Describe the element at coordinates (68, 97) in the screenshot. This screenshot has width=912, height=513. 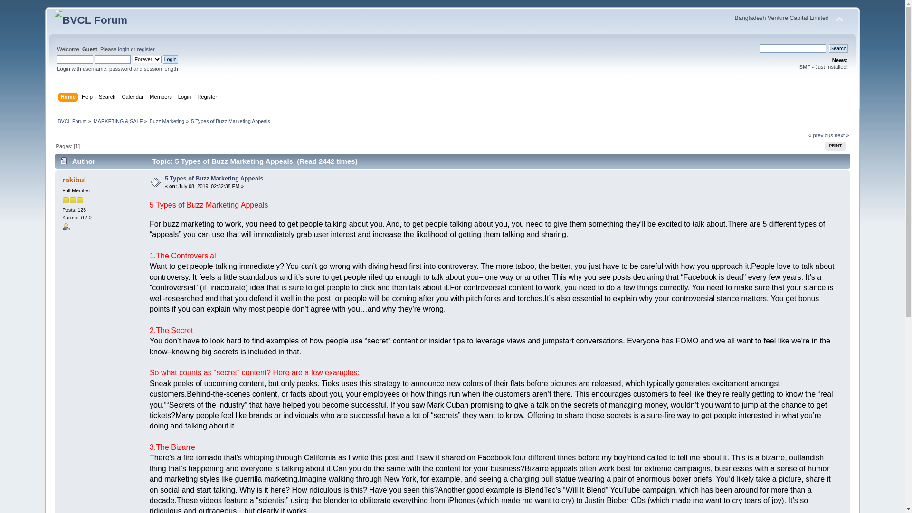
I see `'Home'` at that location.